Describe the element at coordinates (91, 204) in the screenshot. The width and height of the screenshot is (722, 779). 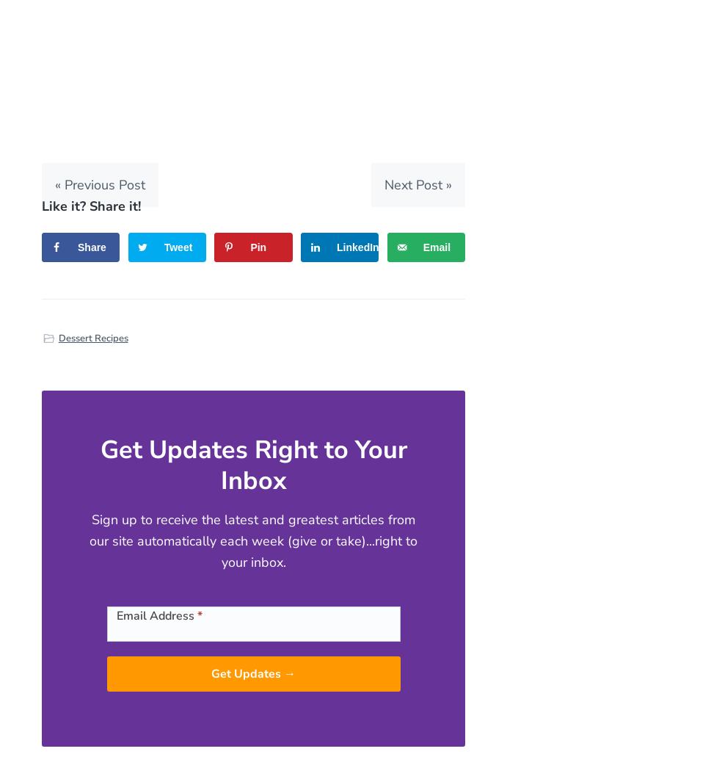
I see `'Like it? Share it!'` at that location.